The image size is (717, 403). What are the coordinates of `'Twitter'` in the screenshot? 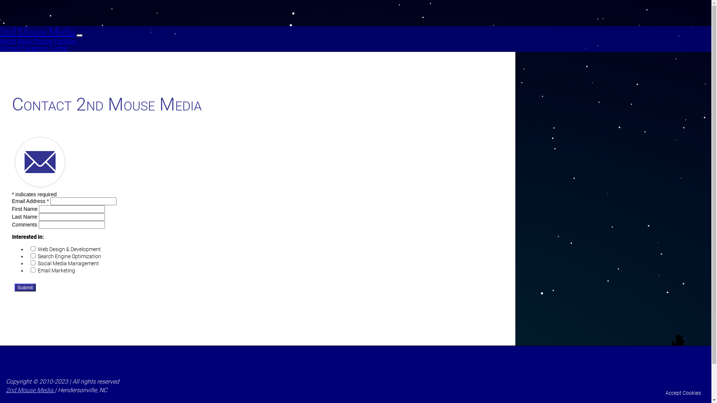 It's located at (58, 48).